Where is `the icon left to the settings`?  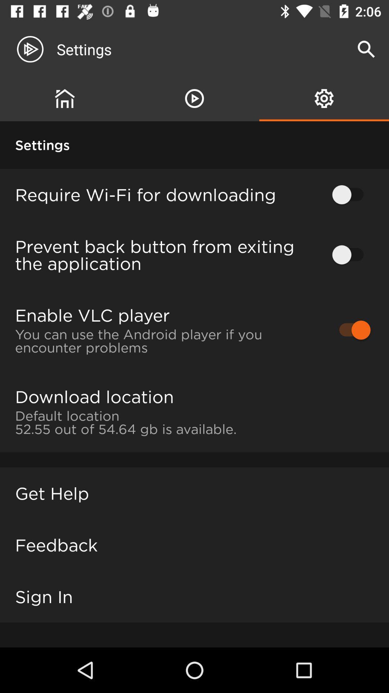
the icon left to the settings is located at coordinates (36, 49).